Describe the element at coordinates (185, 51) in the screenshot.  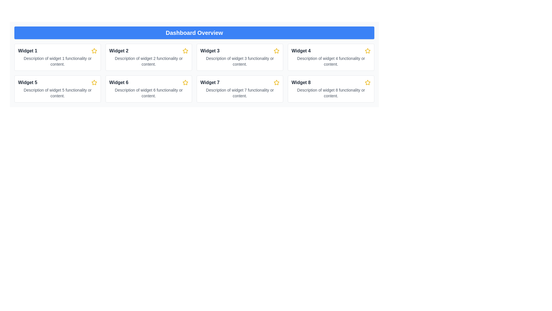
I see `the star icon used to favorite 'Widget 2' in the 'Dashboard Overview' section` at that location.